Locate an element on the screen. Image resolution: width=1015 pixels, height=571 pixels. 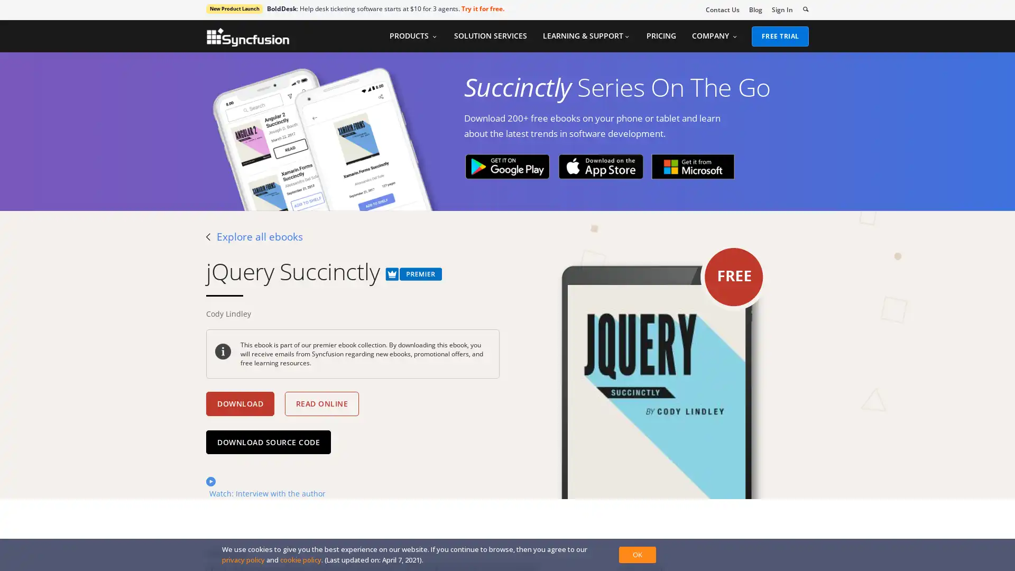
READ ONLINE is located at coordinates (321, 403).